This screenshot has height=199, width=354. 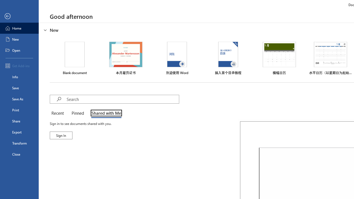 What do you see at coordinates (59, 113) in the screenshot?
I see `'Recent'` at bounding box center [59, 113].